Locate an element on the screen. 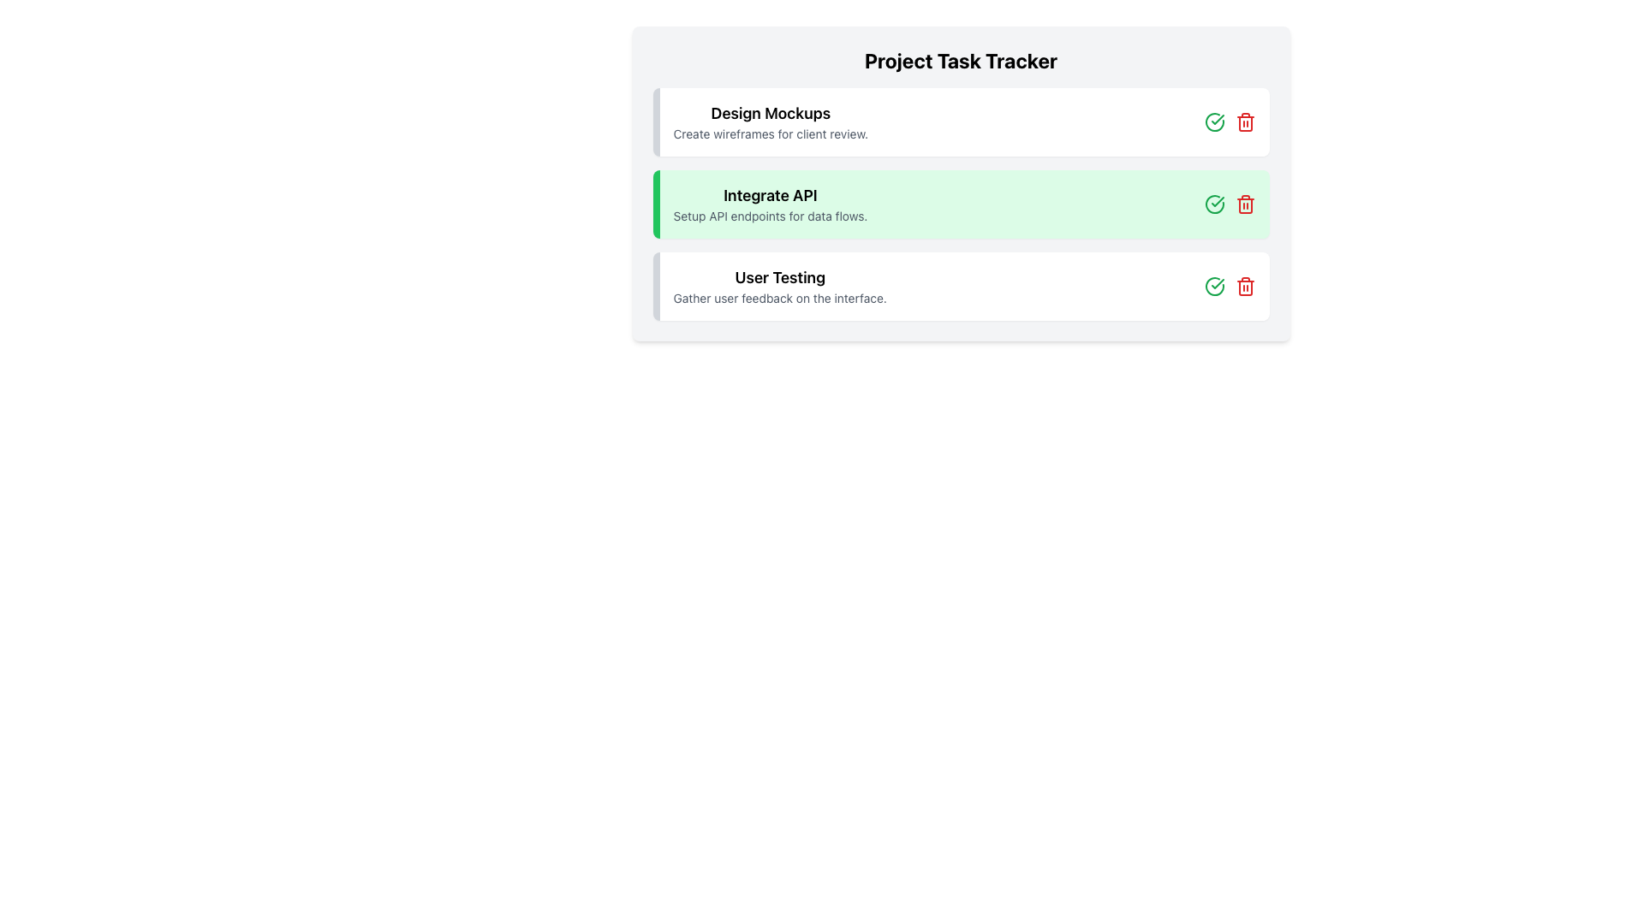  the completion icon for the task labeled 'Integrate API', which is located in the right section near the green background area is located at coordinates (1216, 282).